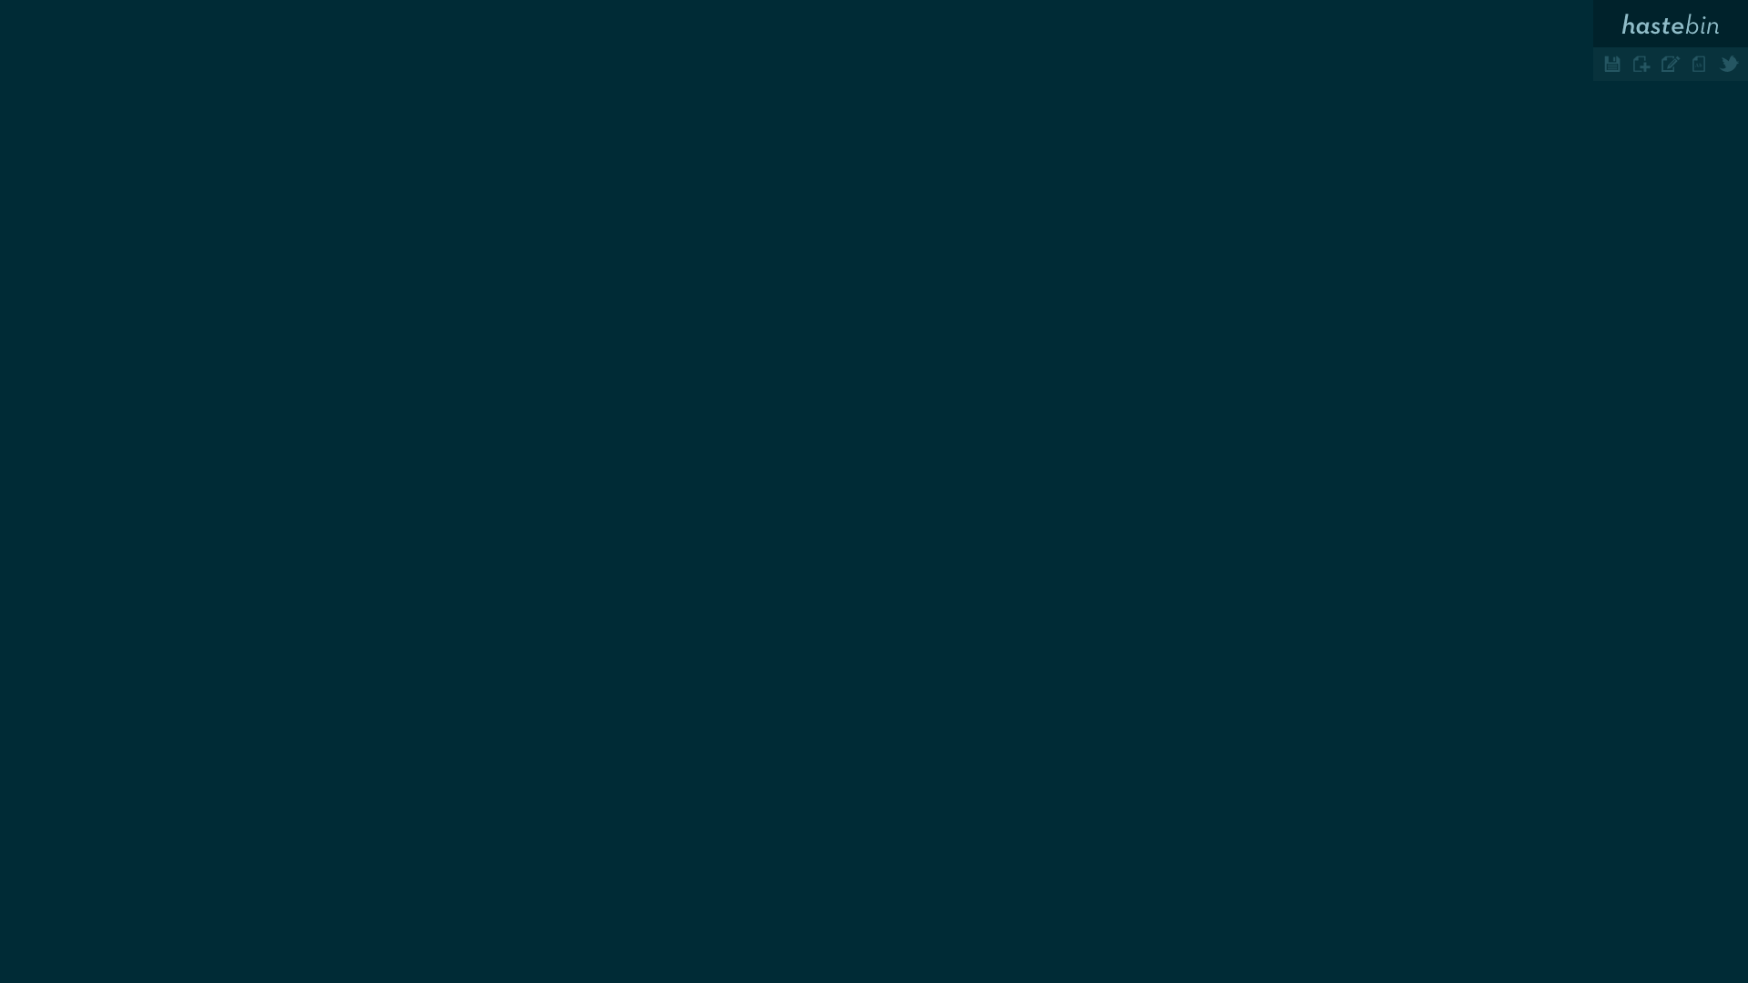 The image size is (1748, 983). I want to click on 'Just Text', so click(1699, 63).